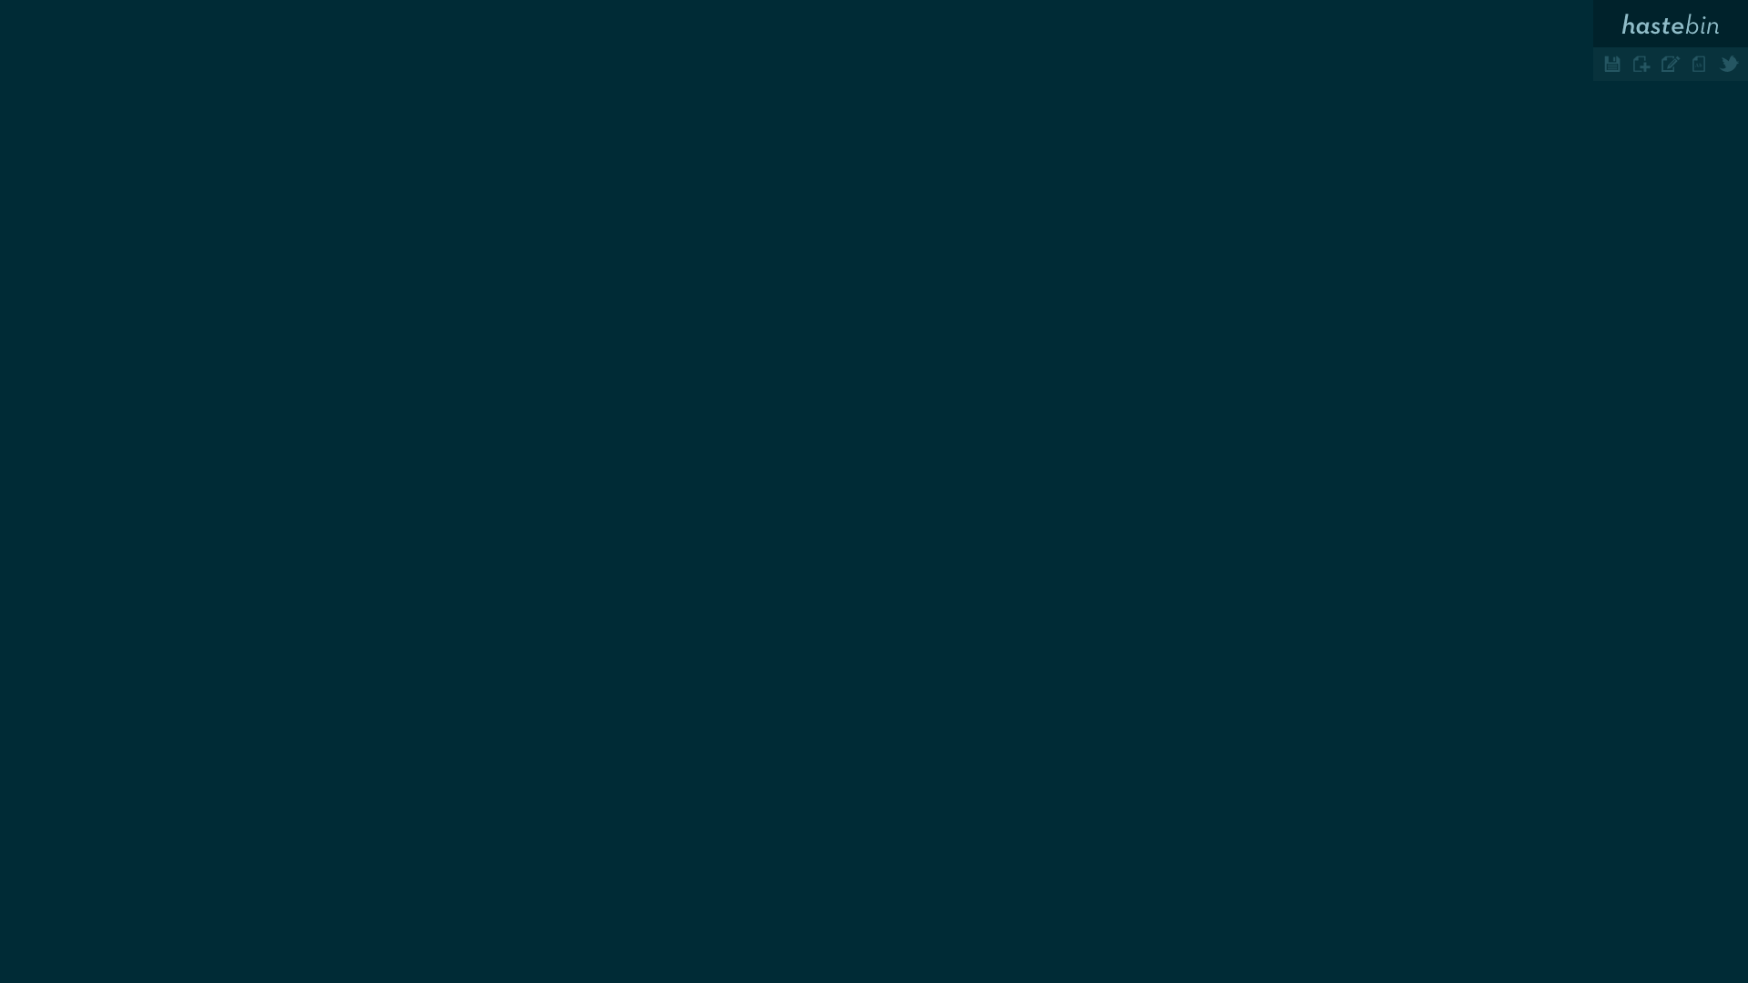 The image size is (1748, 983). I want to click on 'Just Text', so click(1699, 63).